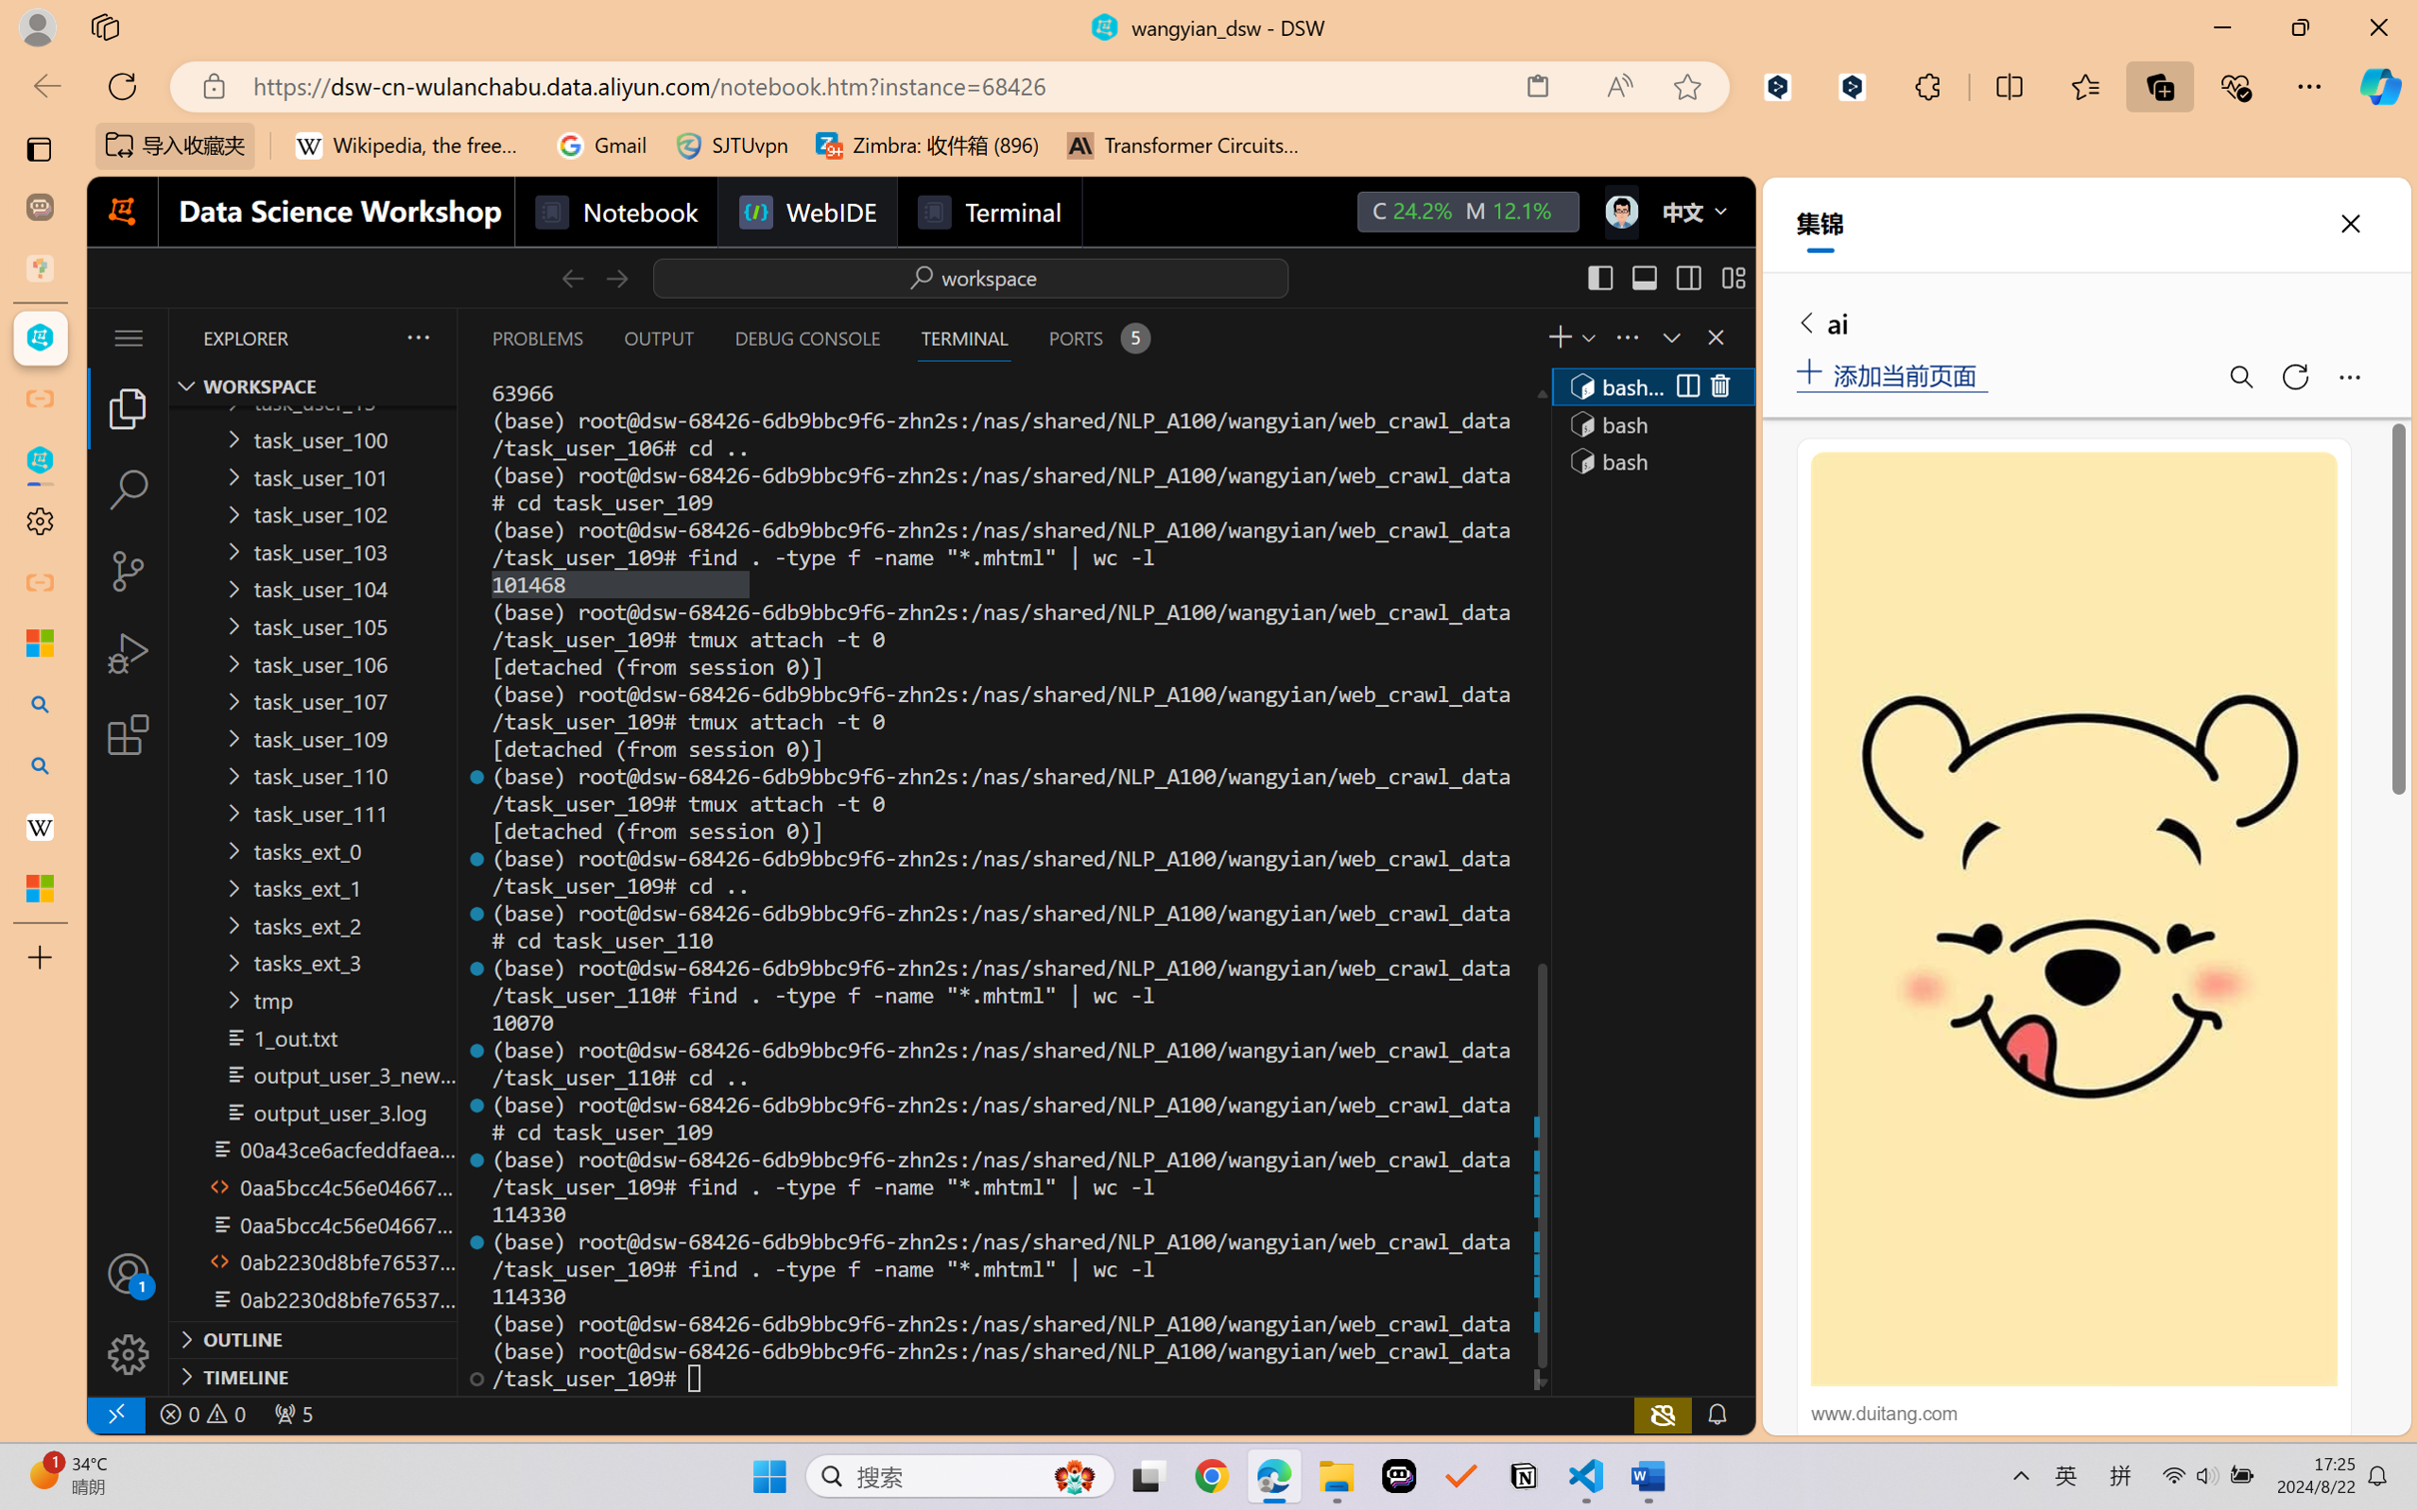 The image size is (2417, 1510). Describe the element at coordinates (806, 337) in the screenshot. I see `'Debug Console (Ctrl+Shift+Y)'` at that location.